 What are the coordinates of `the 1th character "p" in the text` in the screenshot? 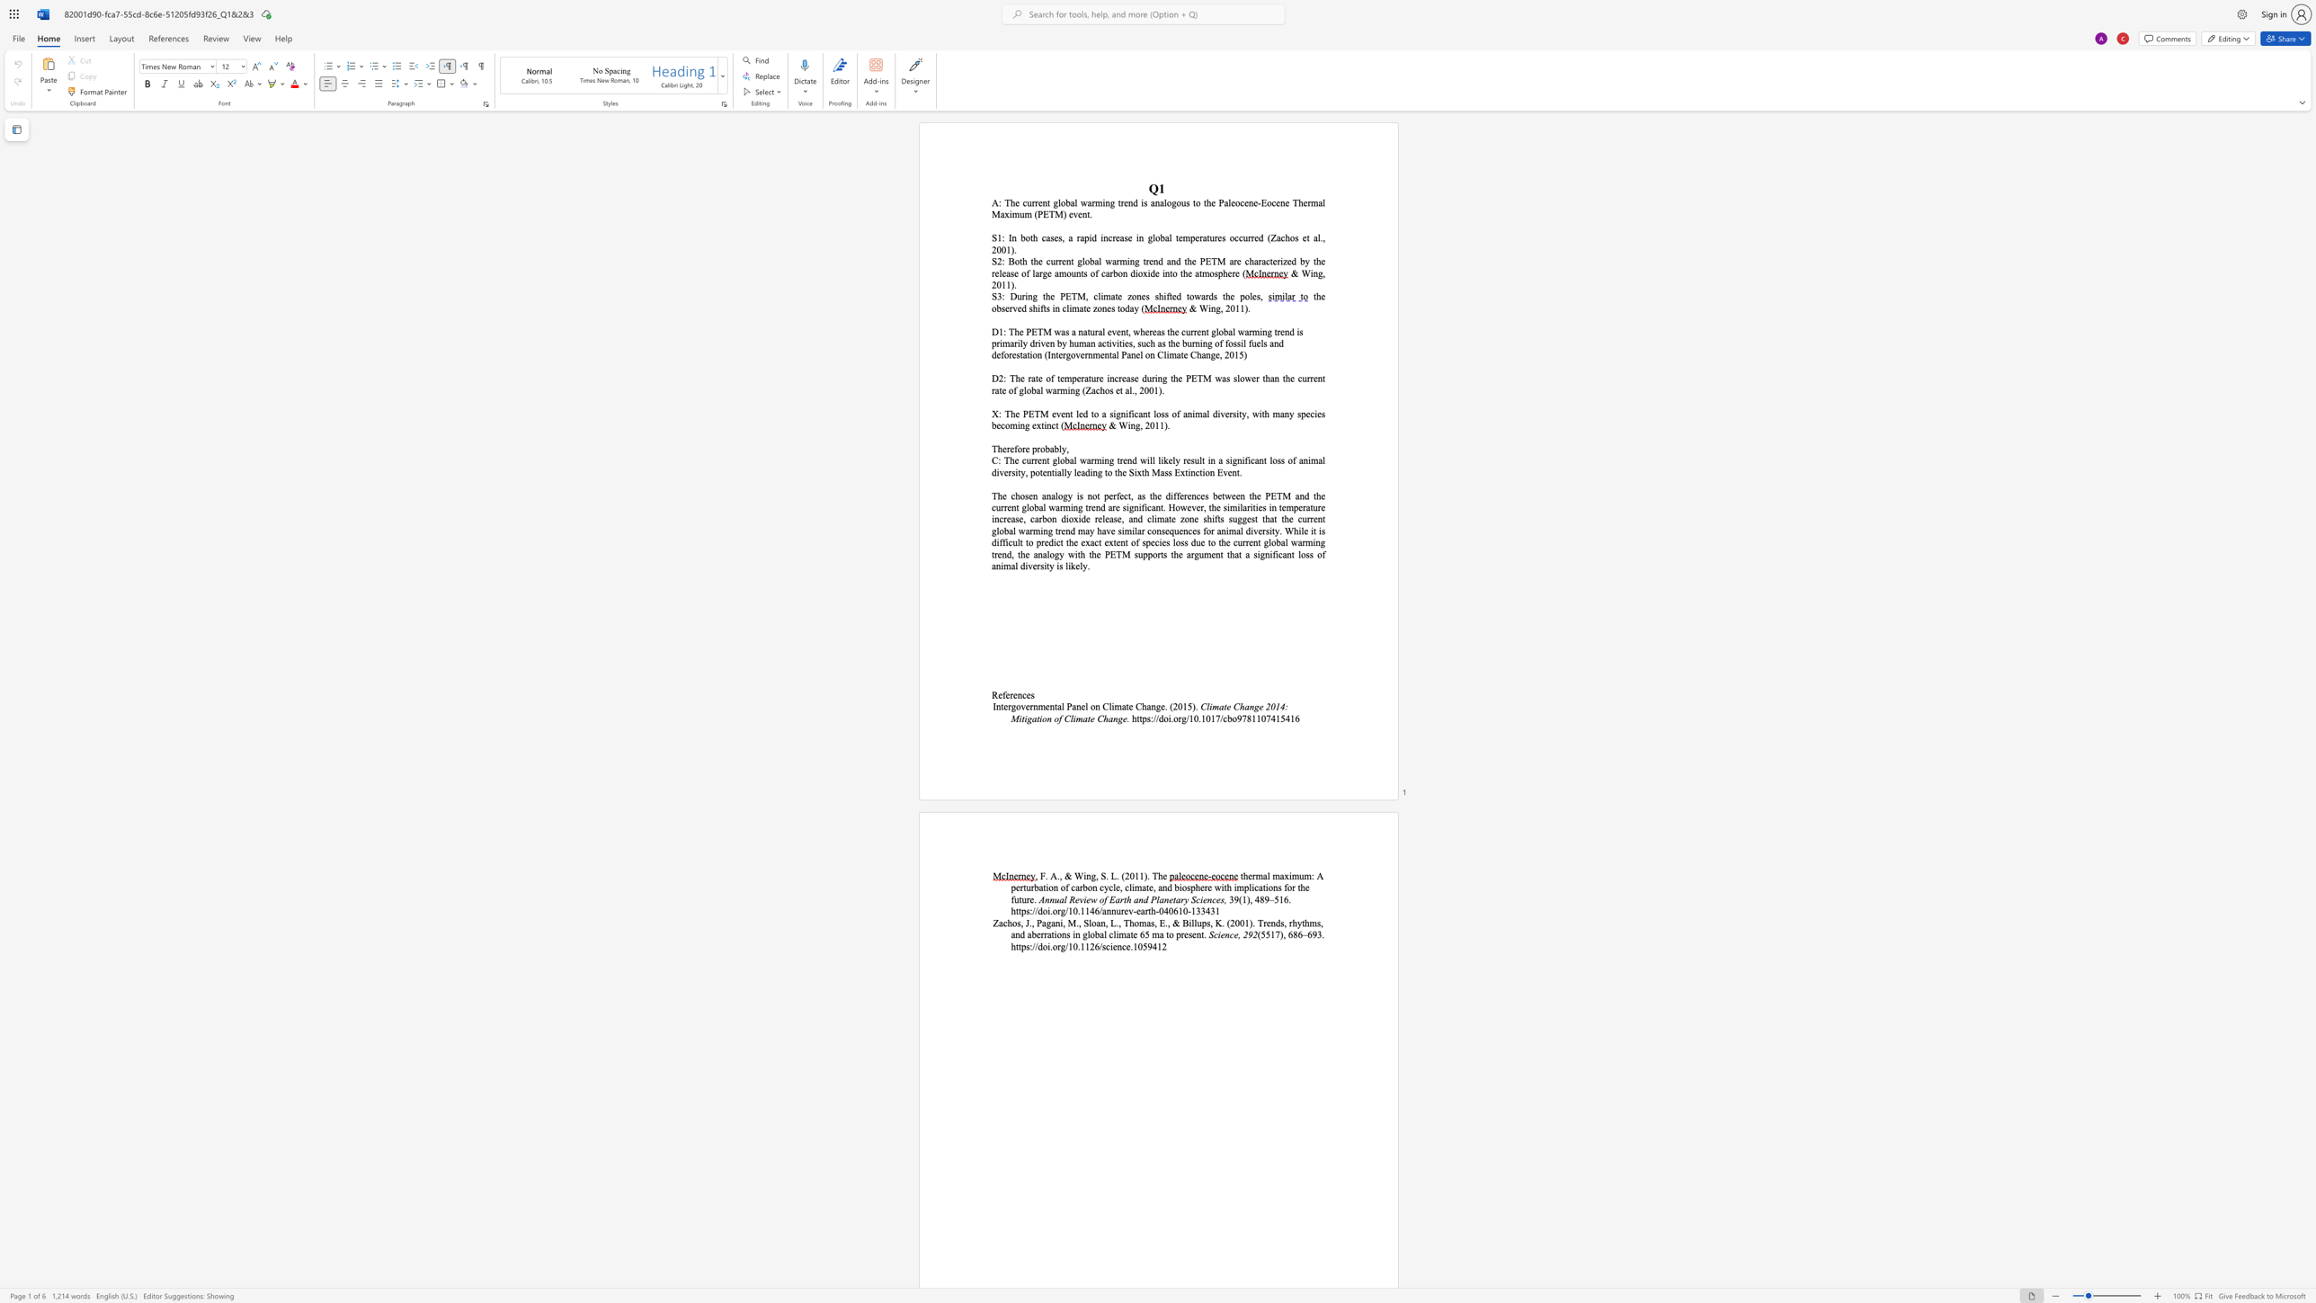 It's located at (1144, 718).